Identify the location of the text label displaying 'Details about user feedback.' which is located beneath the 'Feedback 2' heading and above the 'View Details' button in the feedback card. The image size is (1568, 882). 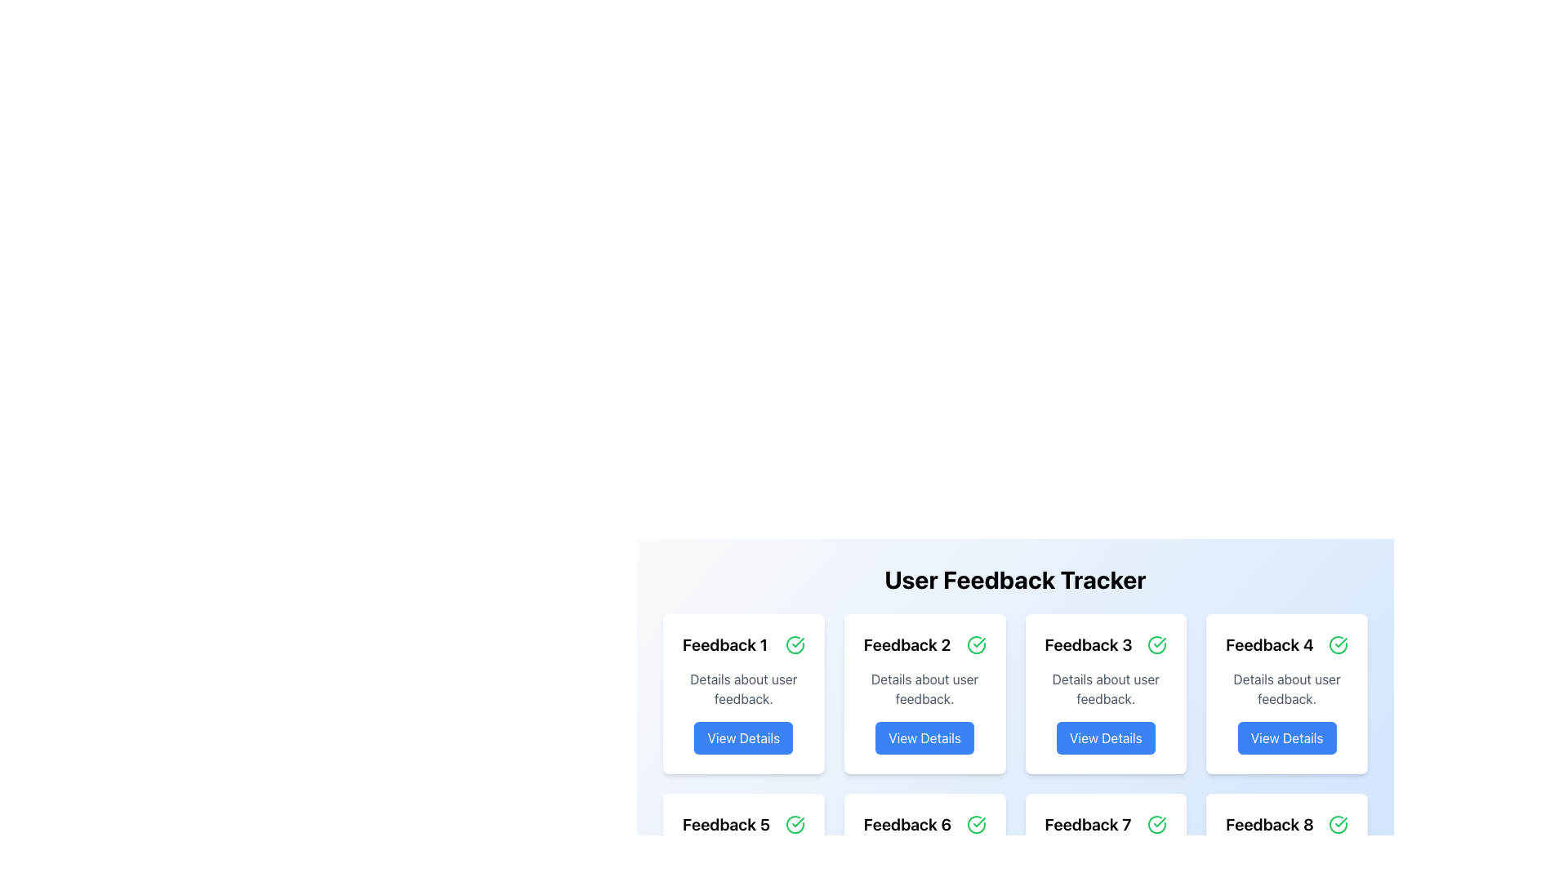
(924, 689).